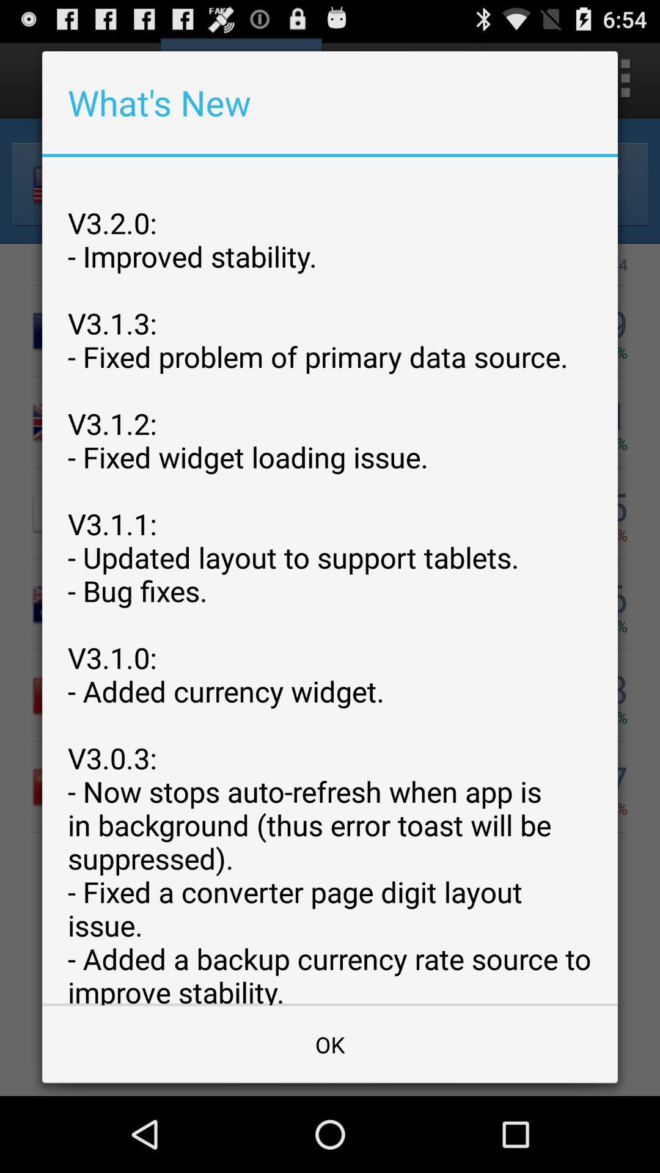 The width and height of the screenshot is (660, 1173). I want to click on ok icon, so click(330, 1043).